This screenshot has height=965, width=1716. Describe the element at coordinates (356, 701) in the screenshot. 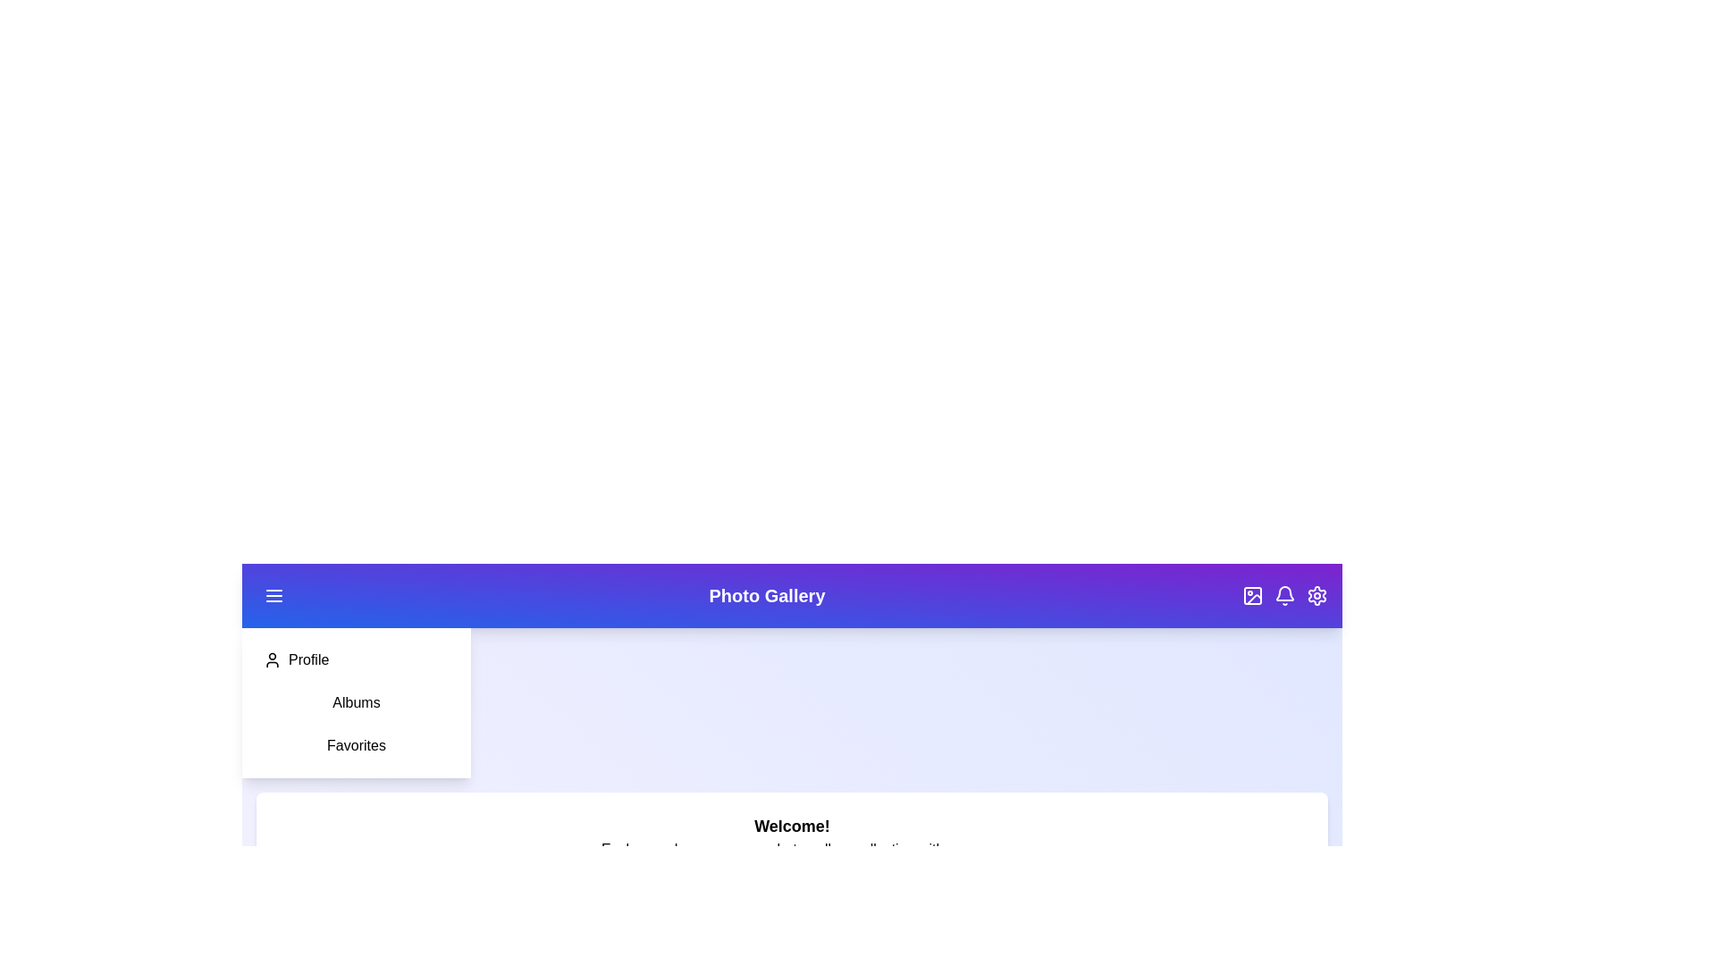

I see `the 'Albums' option in the sidebar` at that location.